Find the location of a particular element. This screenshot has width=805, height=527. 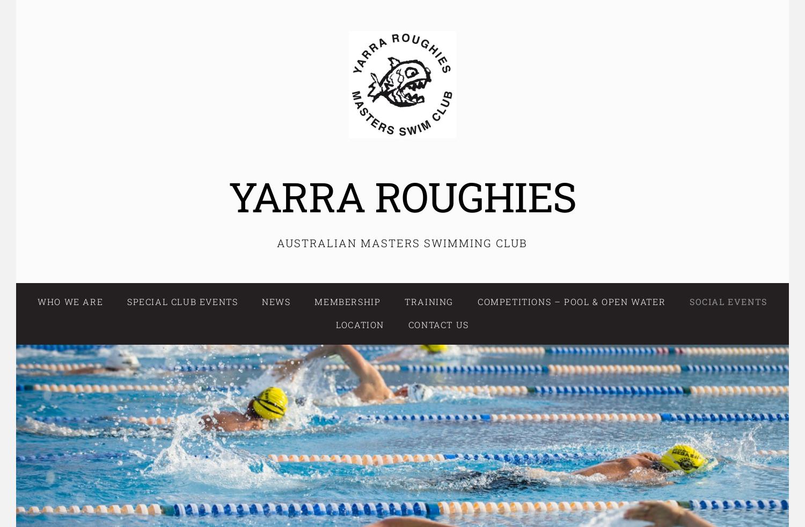

'Location' is located at coordinates (360, 324).